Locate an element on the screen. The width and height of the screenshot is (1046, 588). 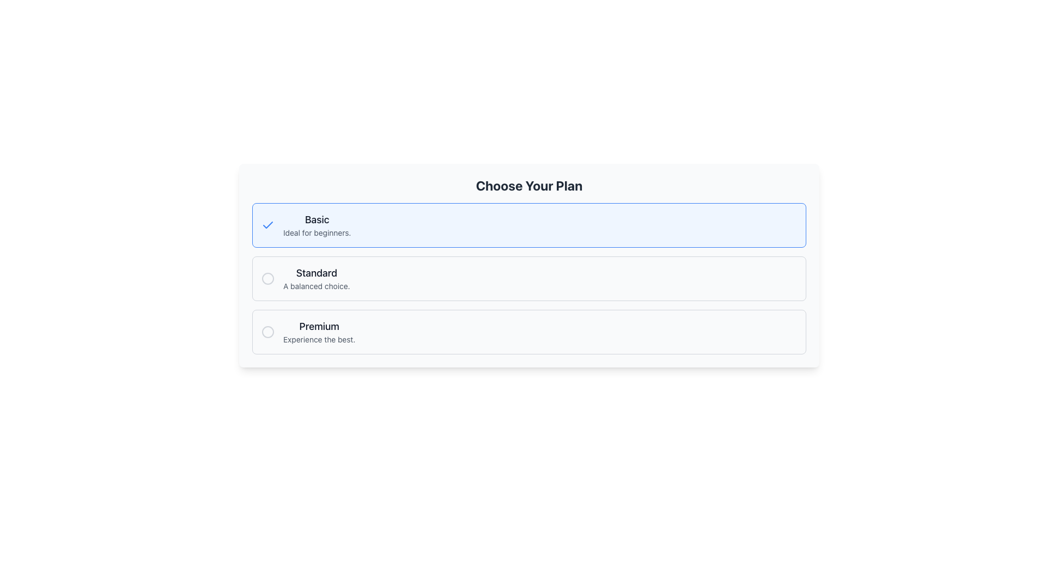
the icon indicating the selection of the 'Basic' plan option, which is positioned to the left of the 'Basic' plan title, to verify its selection status is located at coordinates (267, 224).